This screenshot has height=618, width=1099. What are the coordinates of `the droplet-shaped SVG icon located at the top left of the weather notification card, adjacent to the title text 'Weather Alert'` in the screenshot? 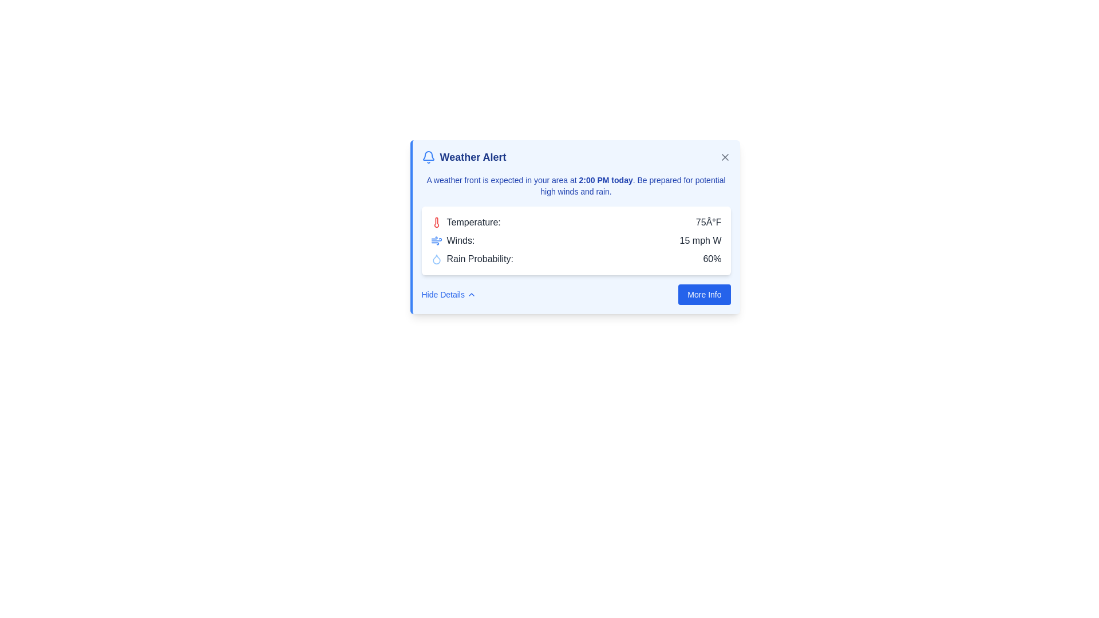 It's located at (436, 259).